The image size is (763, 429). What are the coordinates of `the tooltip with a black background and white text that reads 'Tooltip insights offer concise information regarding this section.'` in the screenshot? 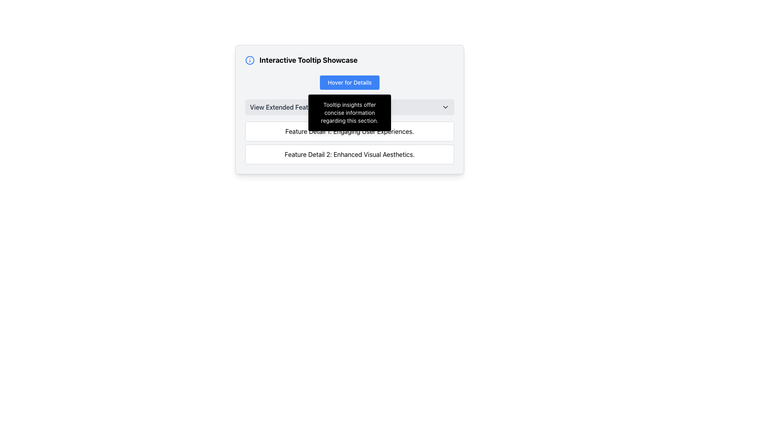 It's located at (349, 113).